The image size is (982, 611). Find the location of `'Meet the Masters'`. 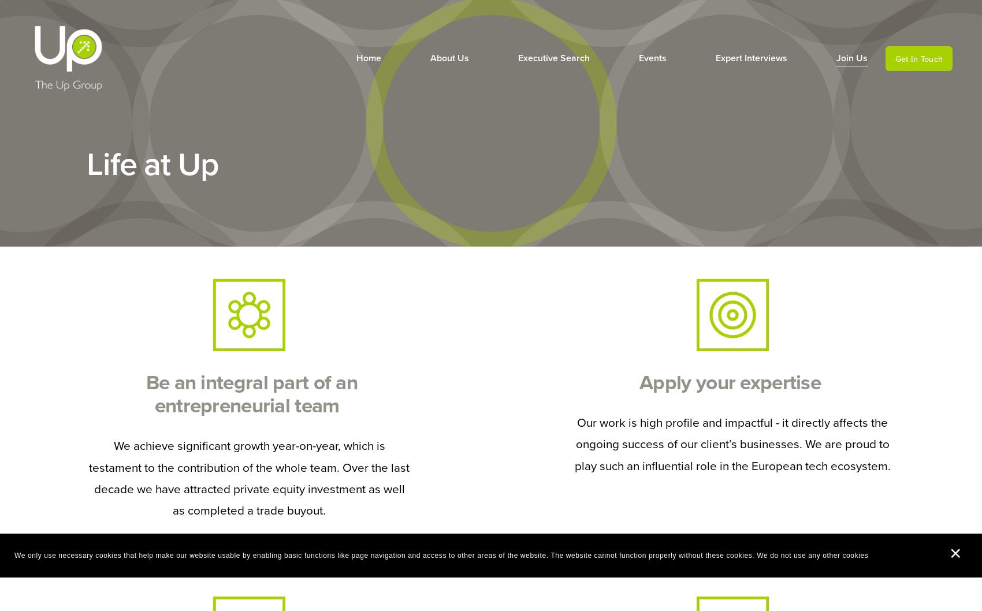

'Meet the Masters' is located at coordinates (714, 92).